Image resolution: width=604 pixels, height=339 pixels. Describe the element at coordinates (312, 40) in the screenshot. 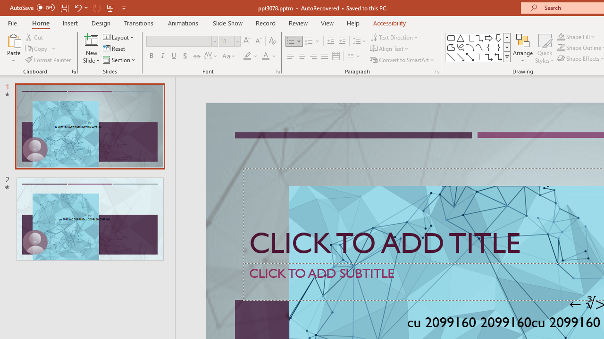

I see `'Numbering'` at that location.